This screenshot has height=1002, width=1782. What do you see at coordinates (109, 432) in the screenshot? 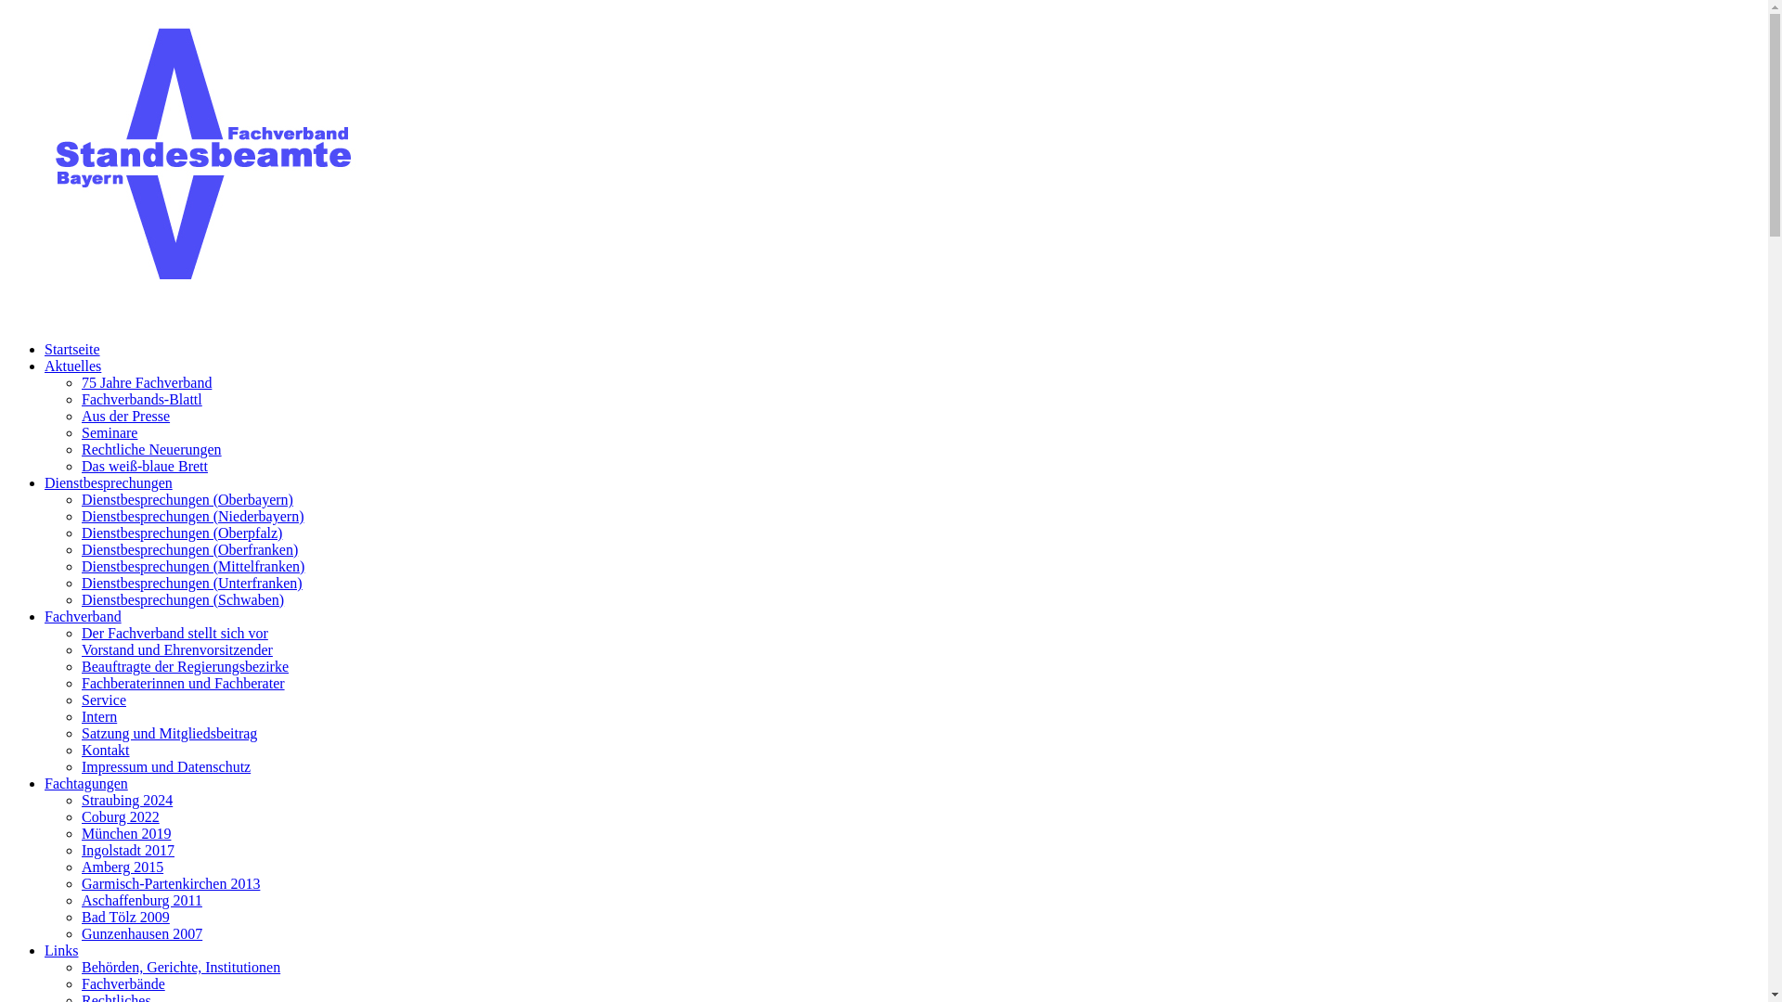
I see `'Seminare'` at bounding box center [109, 432].